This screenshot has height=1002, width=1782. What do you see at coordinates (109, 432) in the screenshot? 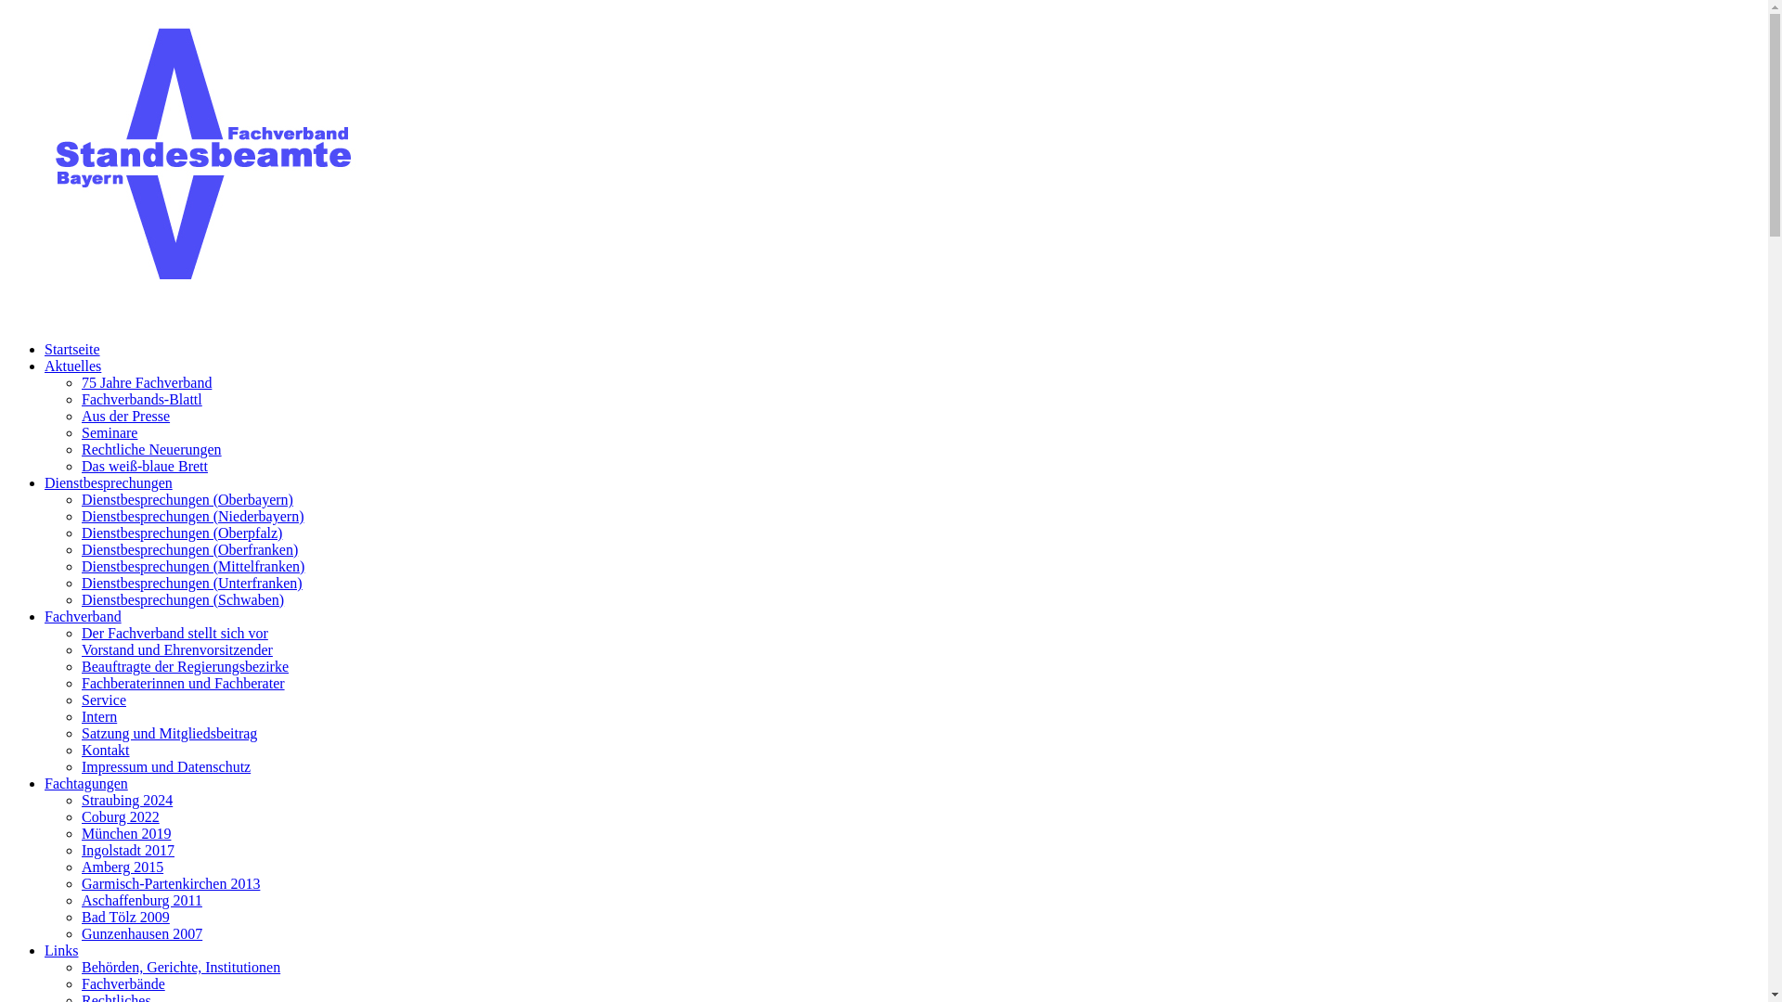
I see `'Seminare'` at bounding box center [109, 432].